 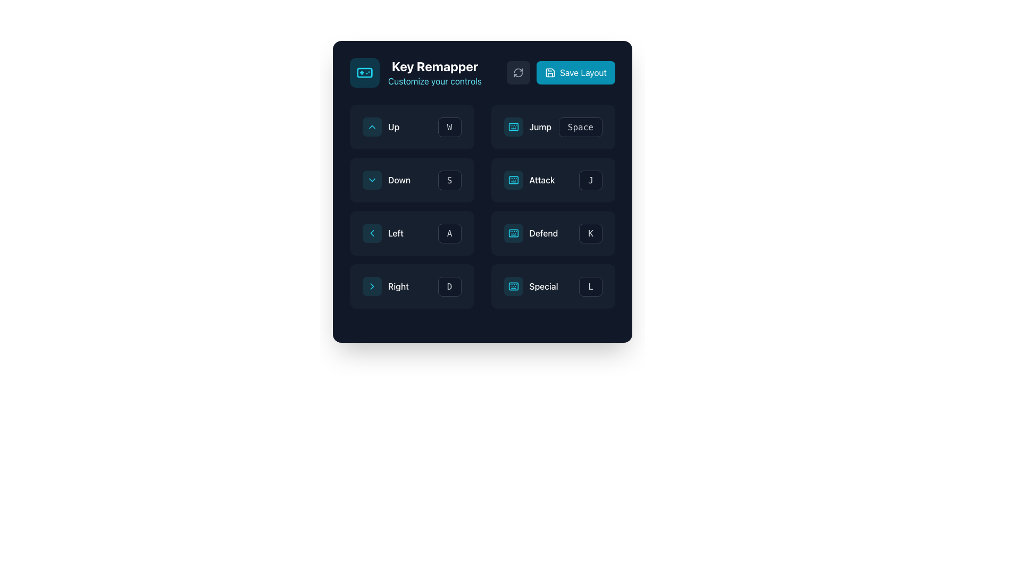 What do you see at coordinates (449, 233) in the screenshot?
I see `the button that displays the keybinding for the 'Left' action, which shows that the 'A' key is currently assigned to it` at bounding box center [449, 233].